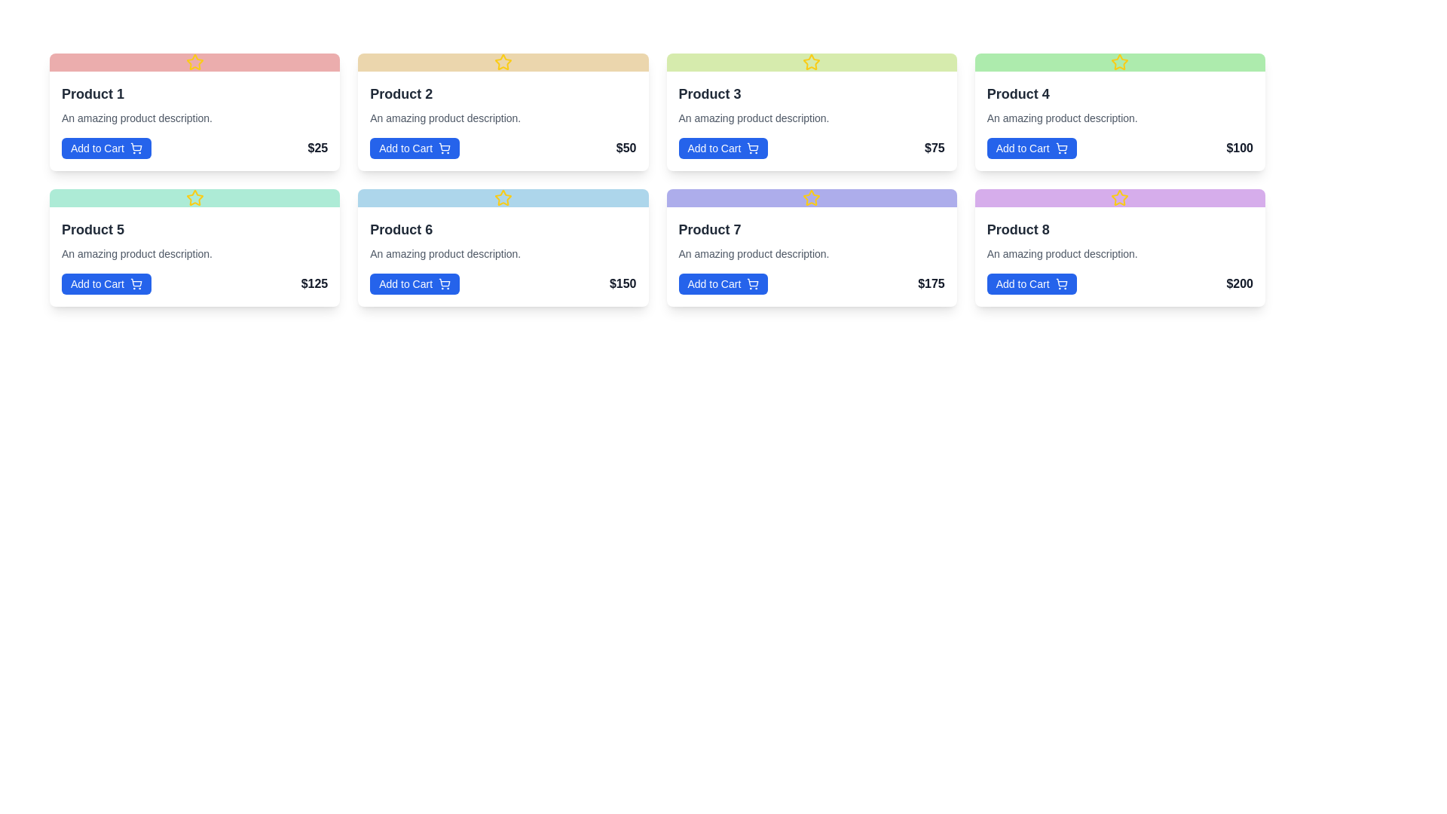 The image size is (1447, 814). I want to click on the decorative star icon with a yellow outline, located at the top center of the card labeled 'Product 5', so click(194, 197).